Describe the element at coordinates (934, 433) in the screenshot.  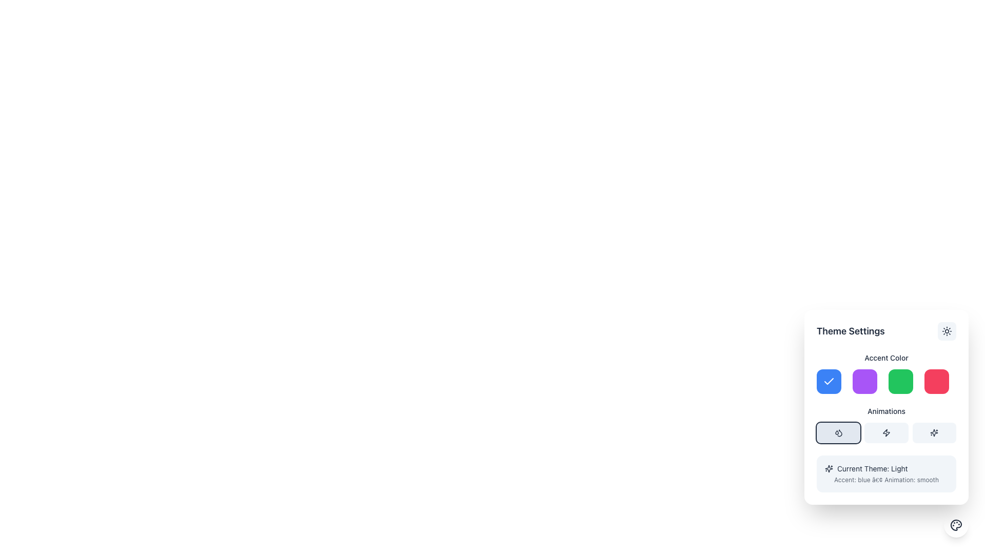
I see `the sparkles or star-like shaped icon located within the 'Animations' button row of the 'Theme Settings' panel` at that location.